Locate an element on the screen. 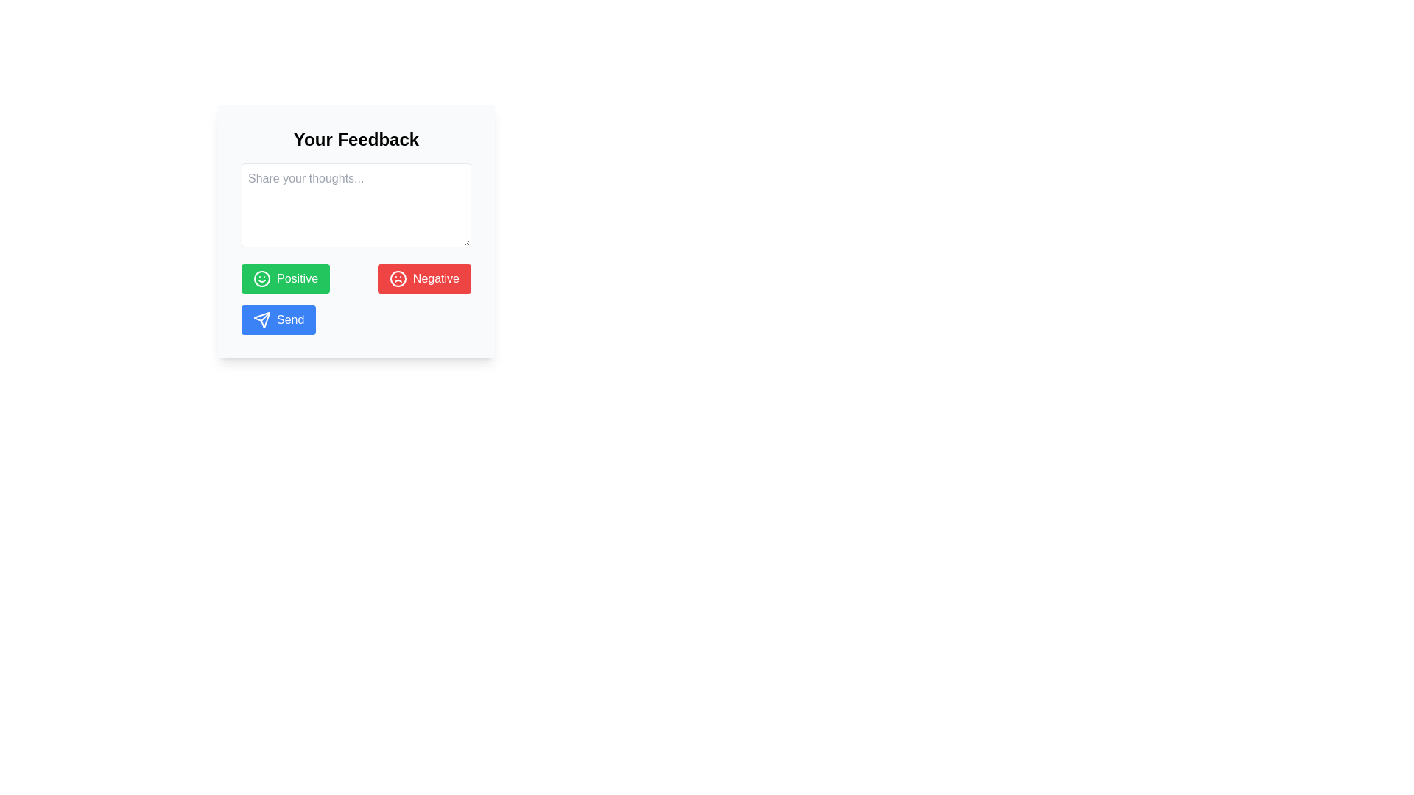  the submit button located in the lower section of the feedback form, which triggers a color change is located at coordinates (278, 319).